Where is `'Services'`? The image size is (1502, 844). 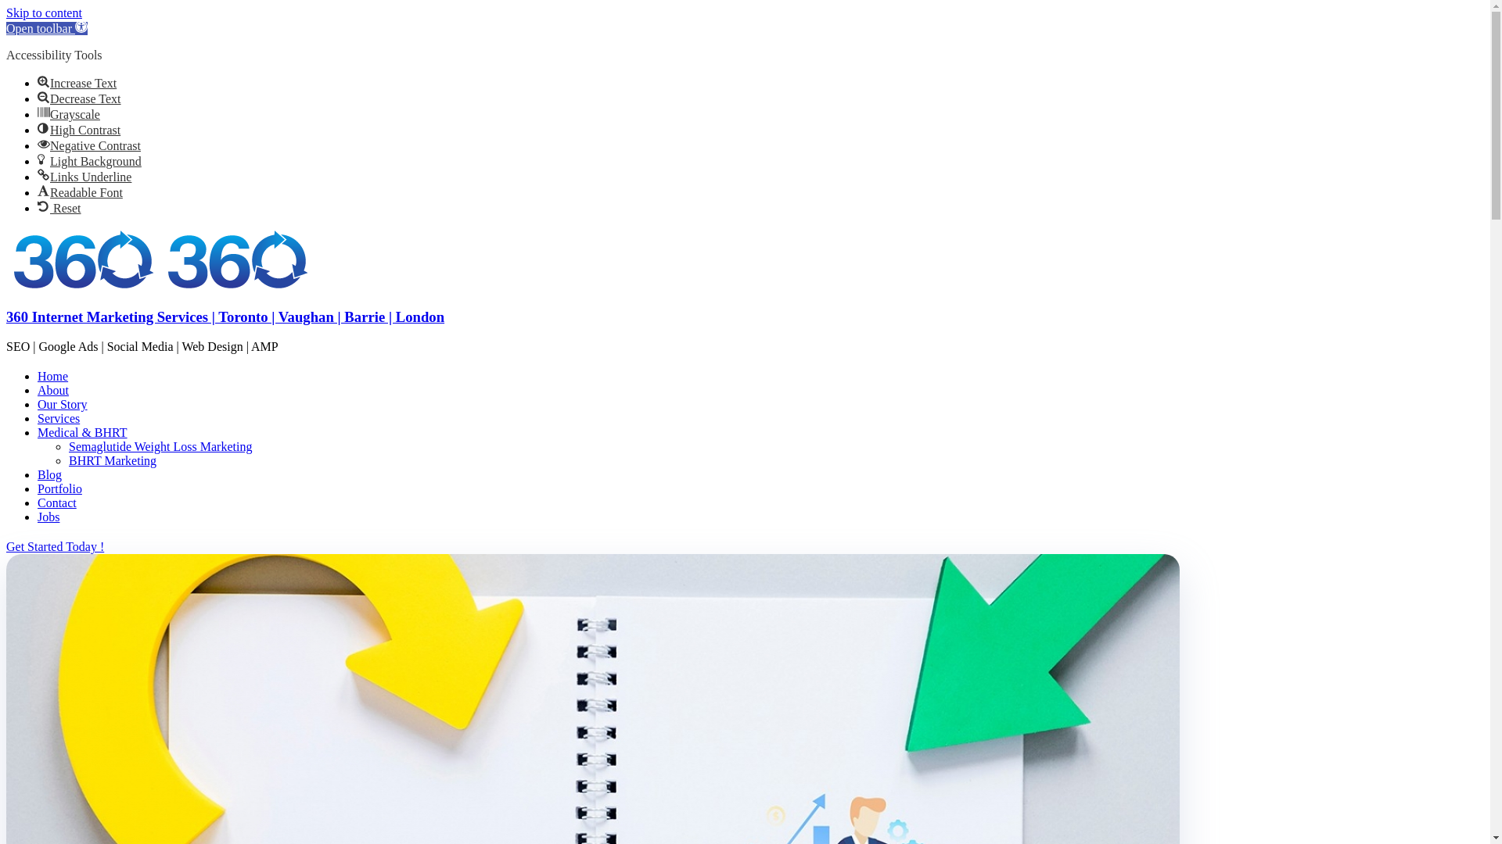
'Services' is located at coordinates (38, 417).